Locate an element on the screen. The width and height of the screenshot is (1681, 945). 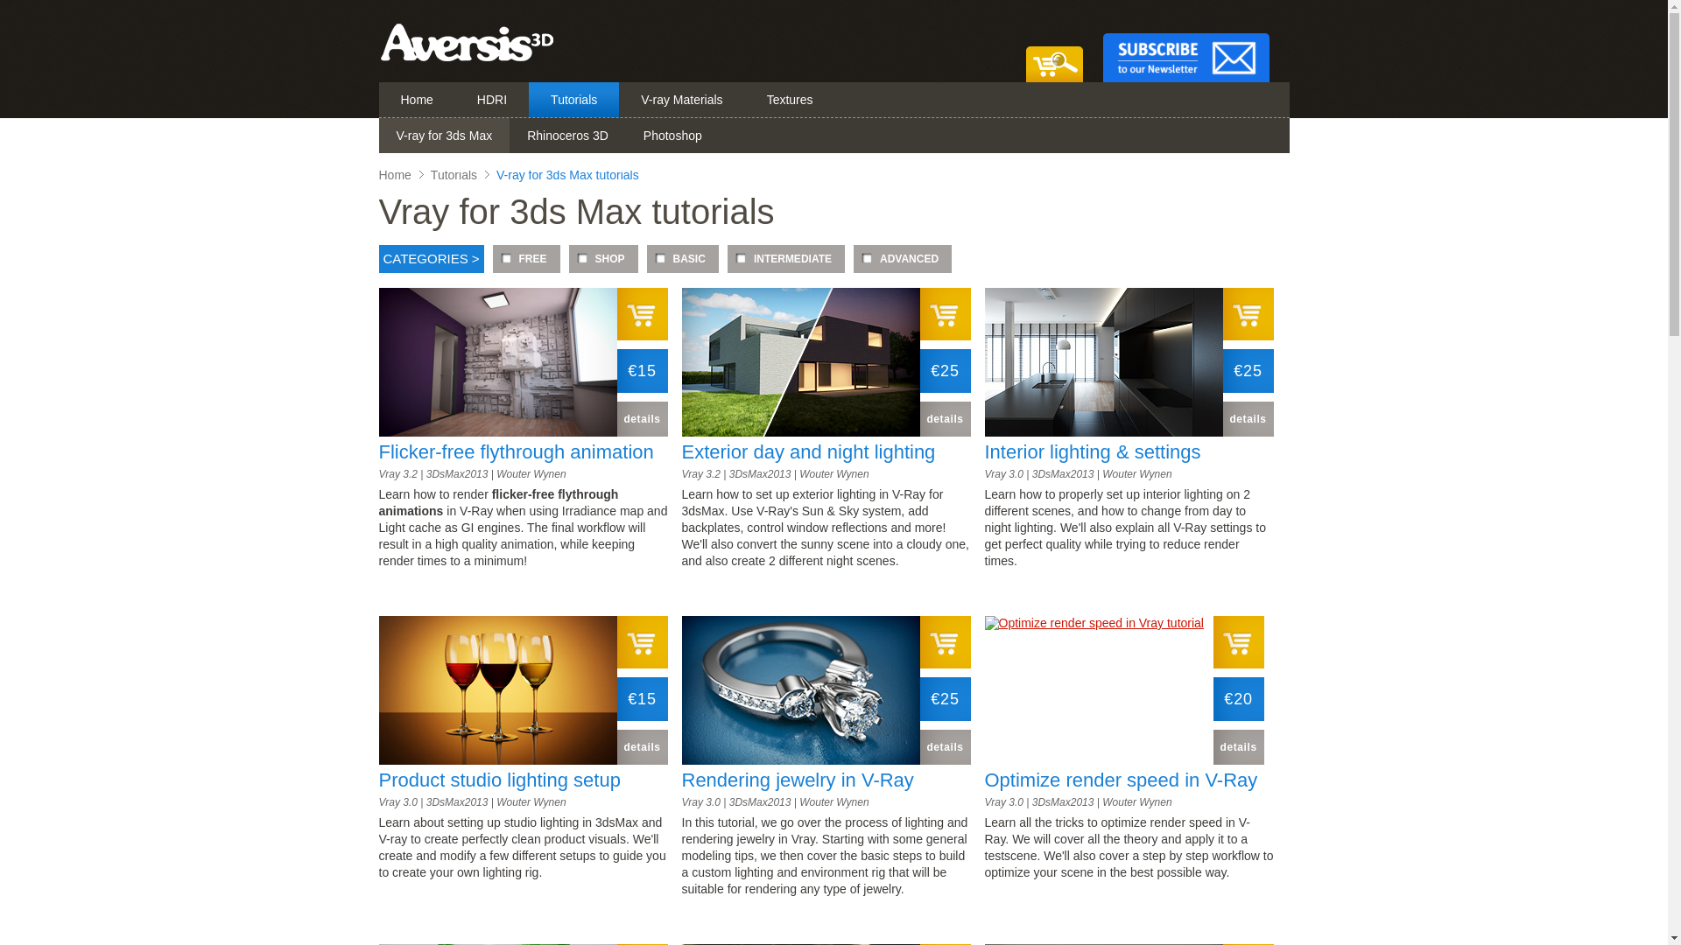
'Photoshop' is located at coordinates (626, 134).